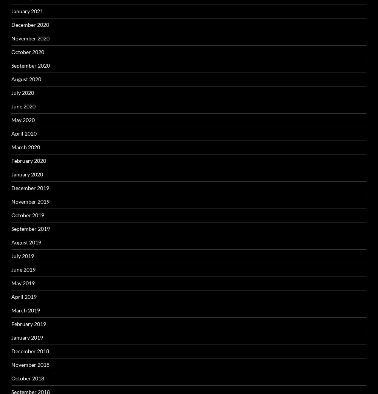 The width and height of the screenshot is (378, 394). What do you see at coordinates (23, 296) in the screenshot?
I see `'April 2019'` at bounding box center [23, 296].